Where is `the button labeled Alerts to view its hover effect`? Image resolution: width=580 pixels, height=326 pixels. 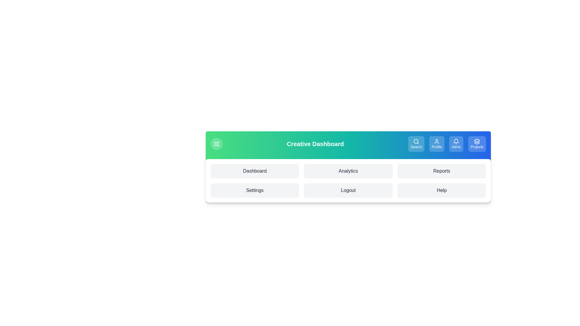
the button labeled Alerts to view its hover effect is located at coordinates (456, 144).